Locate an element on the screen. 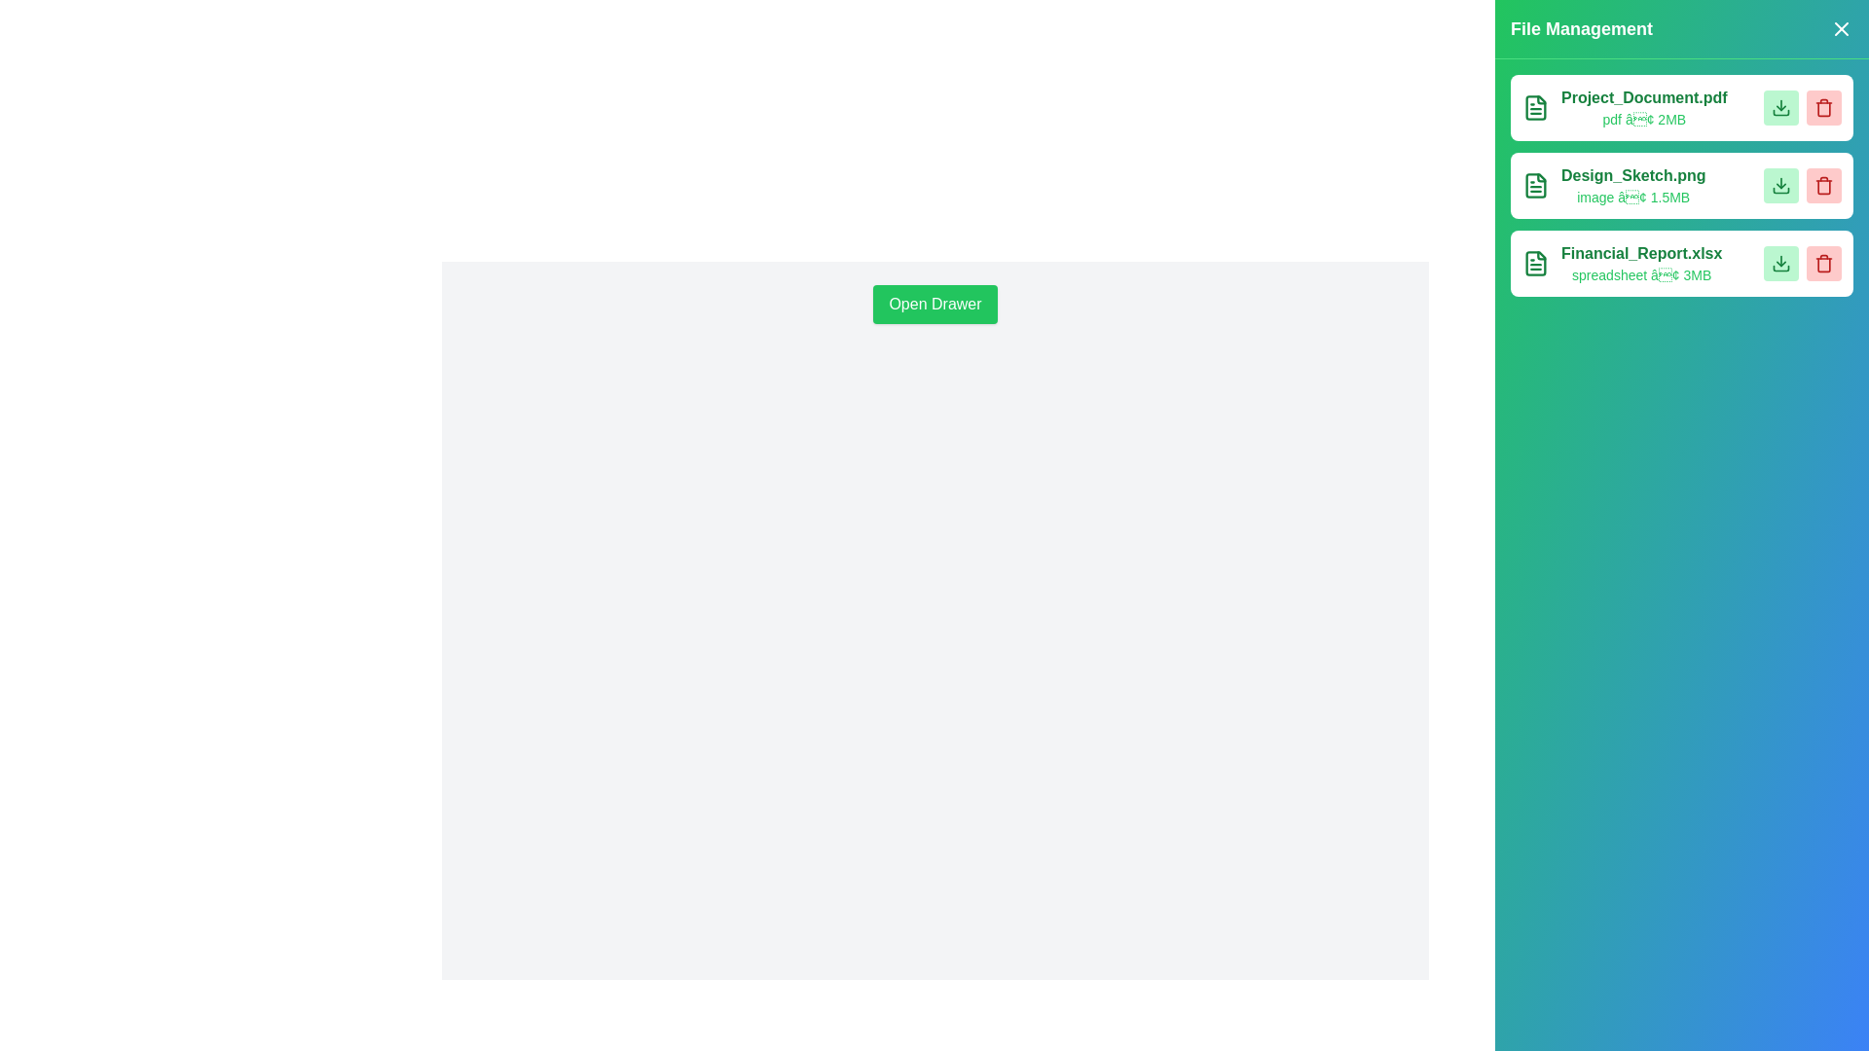 This screenshot has height=1051, width=1869. the 'Delete' button for the file Design_Sketch.png is located at coordinates (1822, 186).